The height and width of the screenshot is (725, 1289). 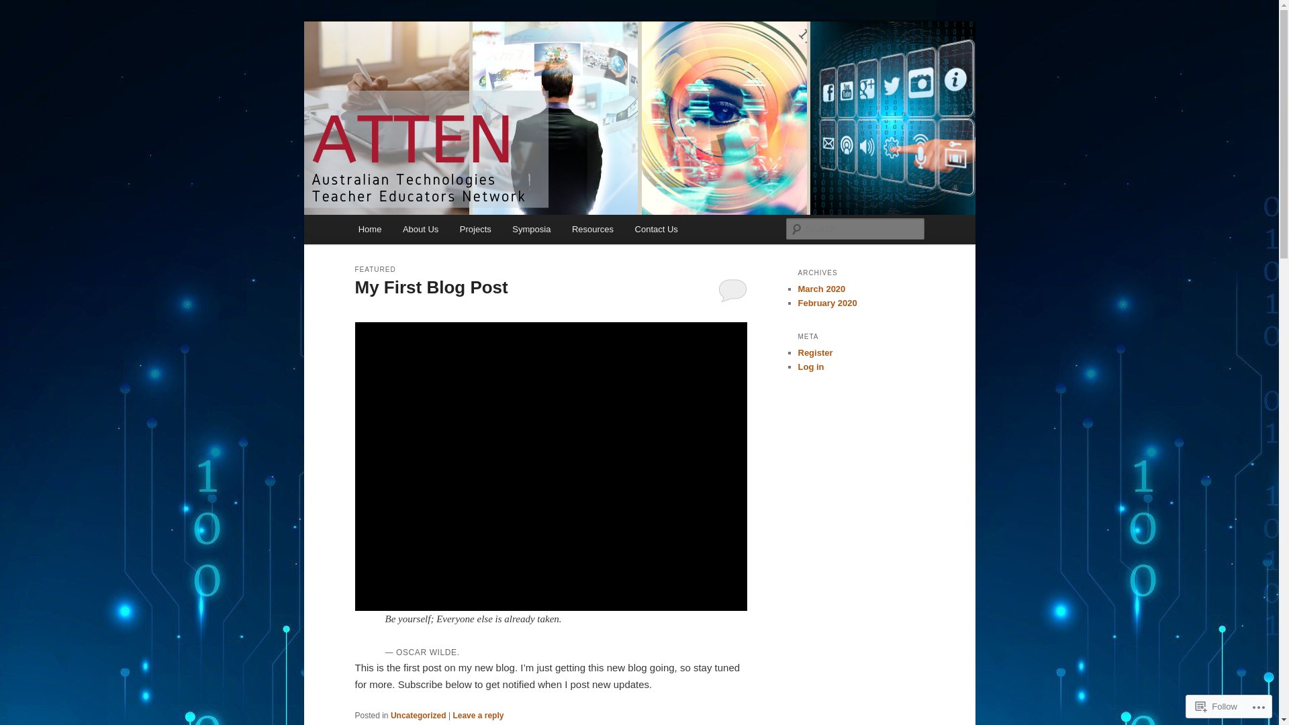 I want to click on 'Uncategorized', so click(x=389, y=714).